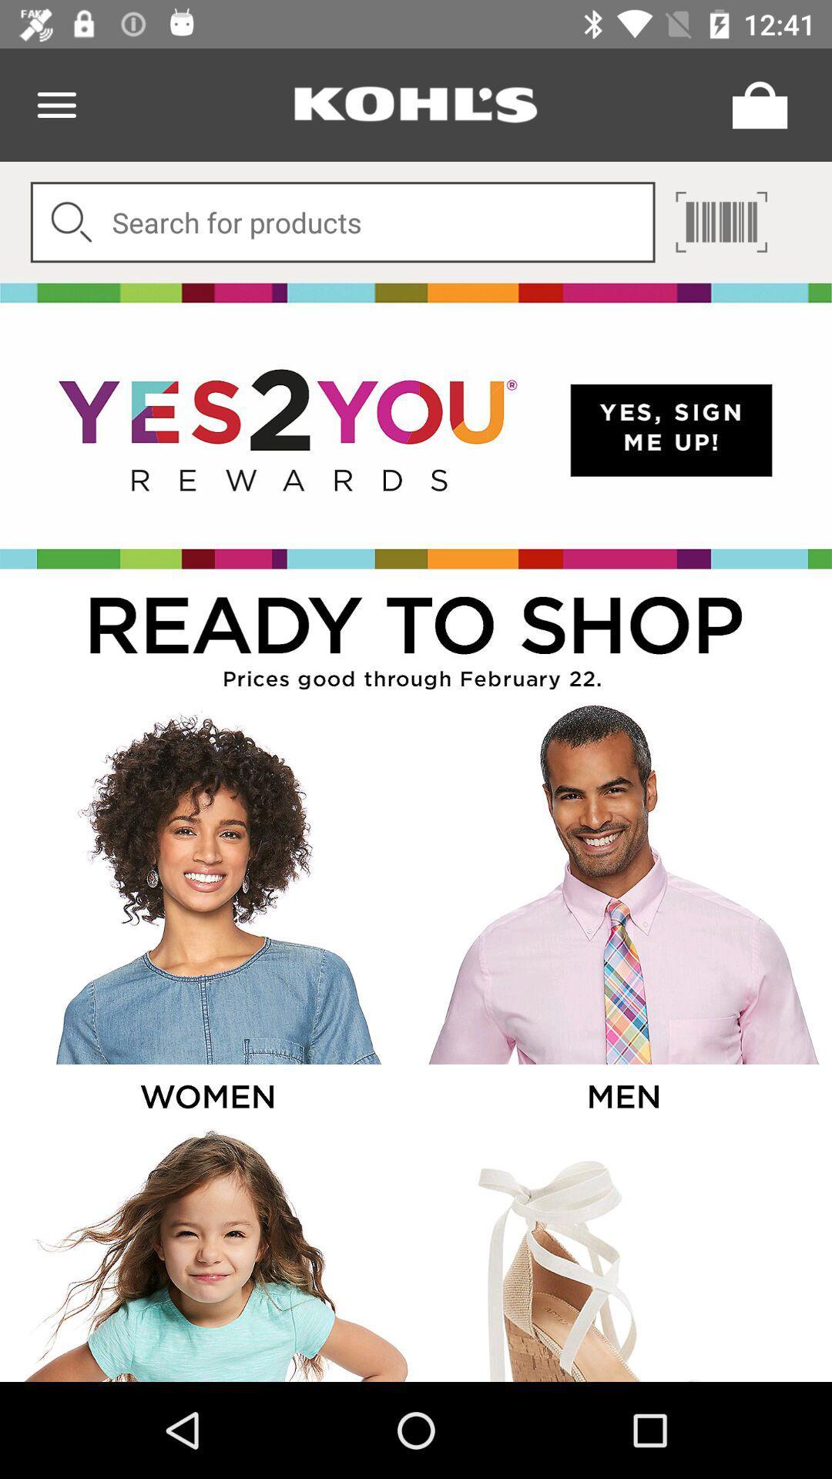  What do you see at coordinates (622, 1253) in the screenshot?
I see `advertisement area` at bounding box center [622, 1253].